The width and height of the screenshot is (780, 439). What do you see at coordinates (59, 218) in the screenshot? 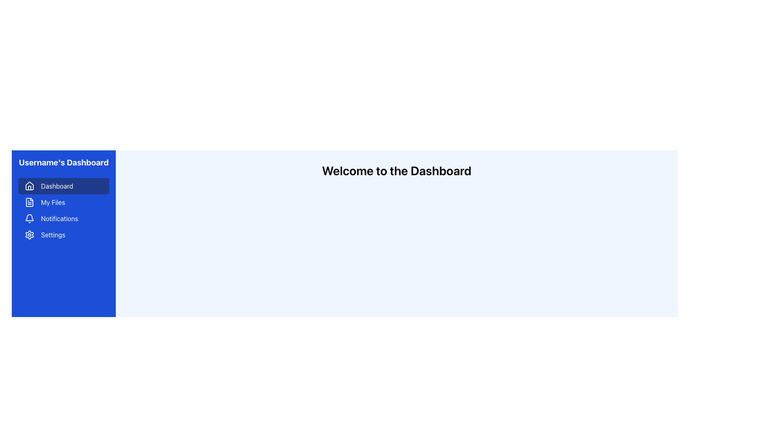
I see `'Notifications' text label located in the vertical menu on the left-hand side of the dashboard interface, which is part of a clickable menu item` at bounding box center [59, 218].